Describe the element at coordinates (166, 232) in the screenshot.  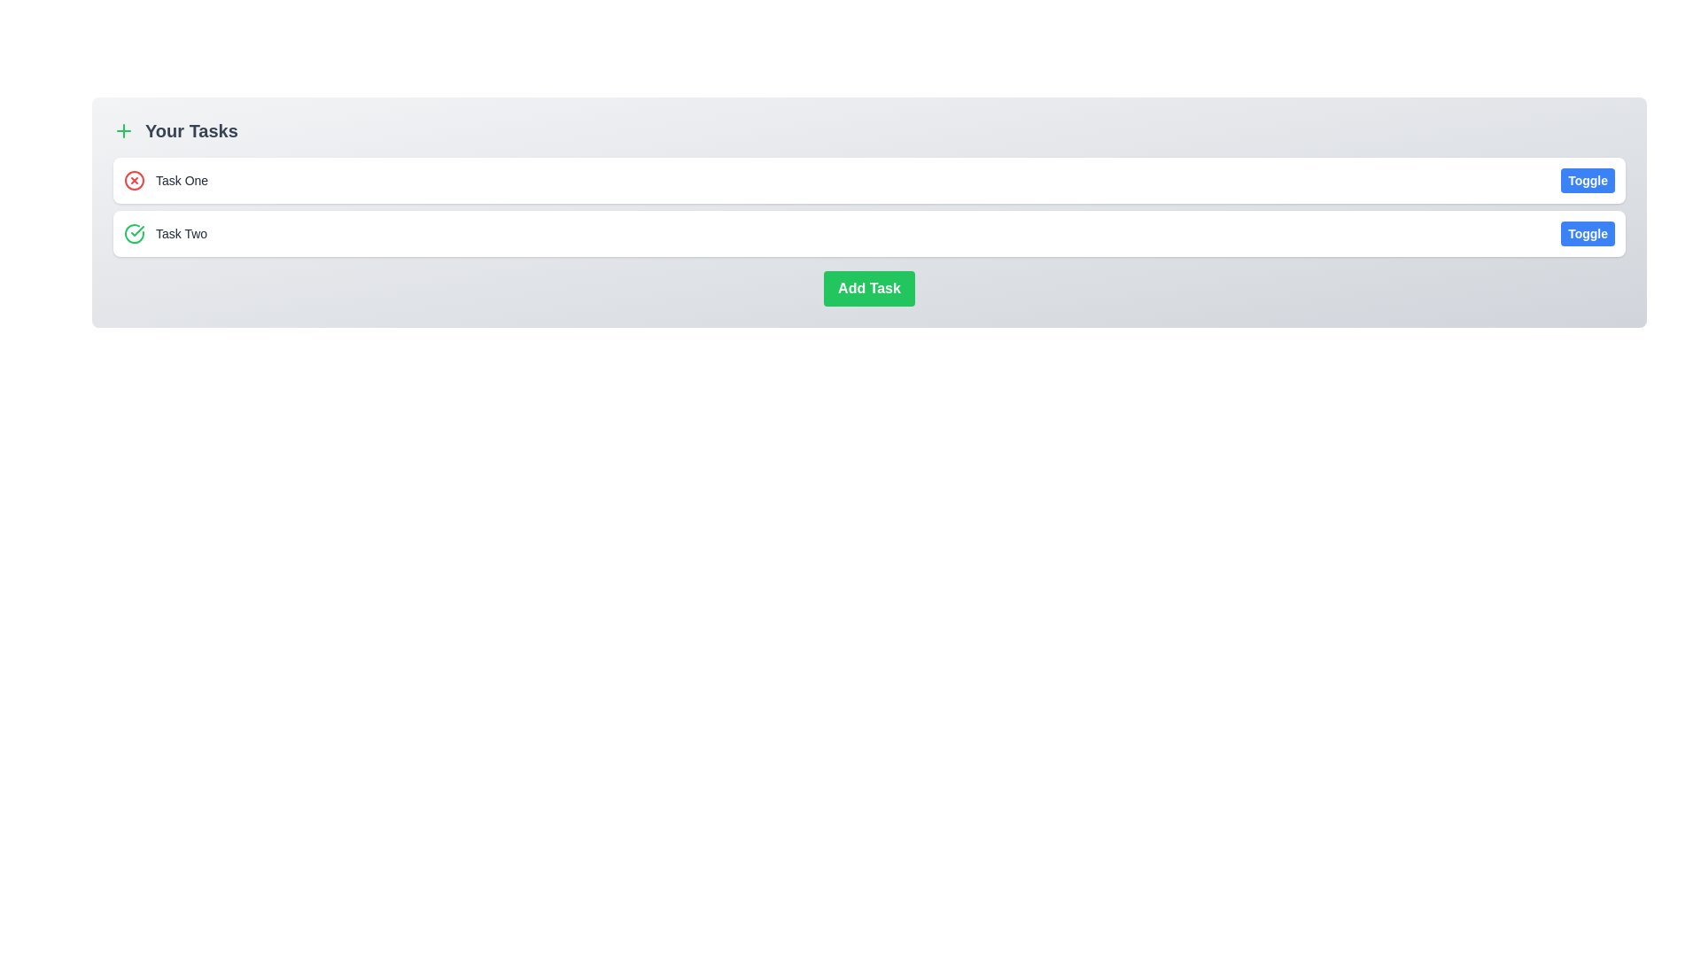
I see `text label 'Task Two' which is displayed within the second task row of the task list, located to the right of the green checkmark icon` at that location.